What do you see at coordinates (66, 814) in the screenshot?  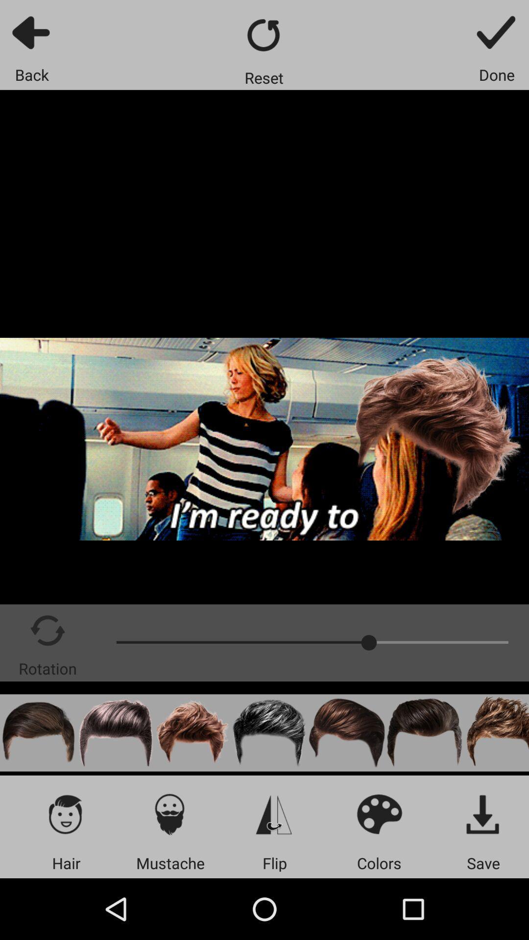 I see `hair type` at bounding box center [66, 814].